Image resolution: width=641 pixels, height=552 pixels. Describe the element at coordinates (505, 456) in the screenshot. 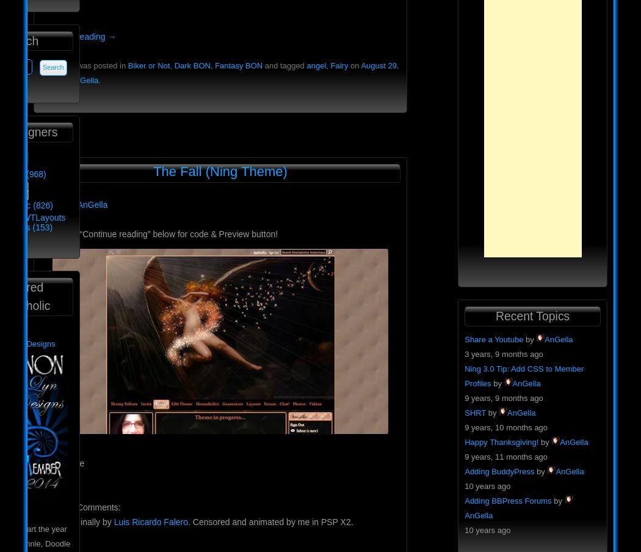

I see `'9 years, 11 months ago'` at that location.